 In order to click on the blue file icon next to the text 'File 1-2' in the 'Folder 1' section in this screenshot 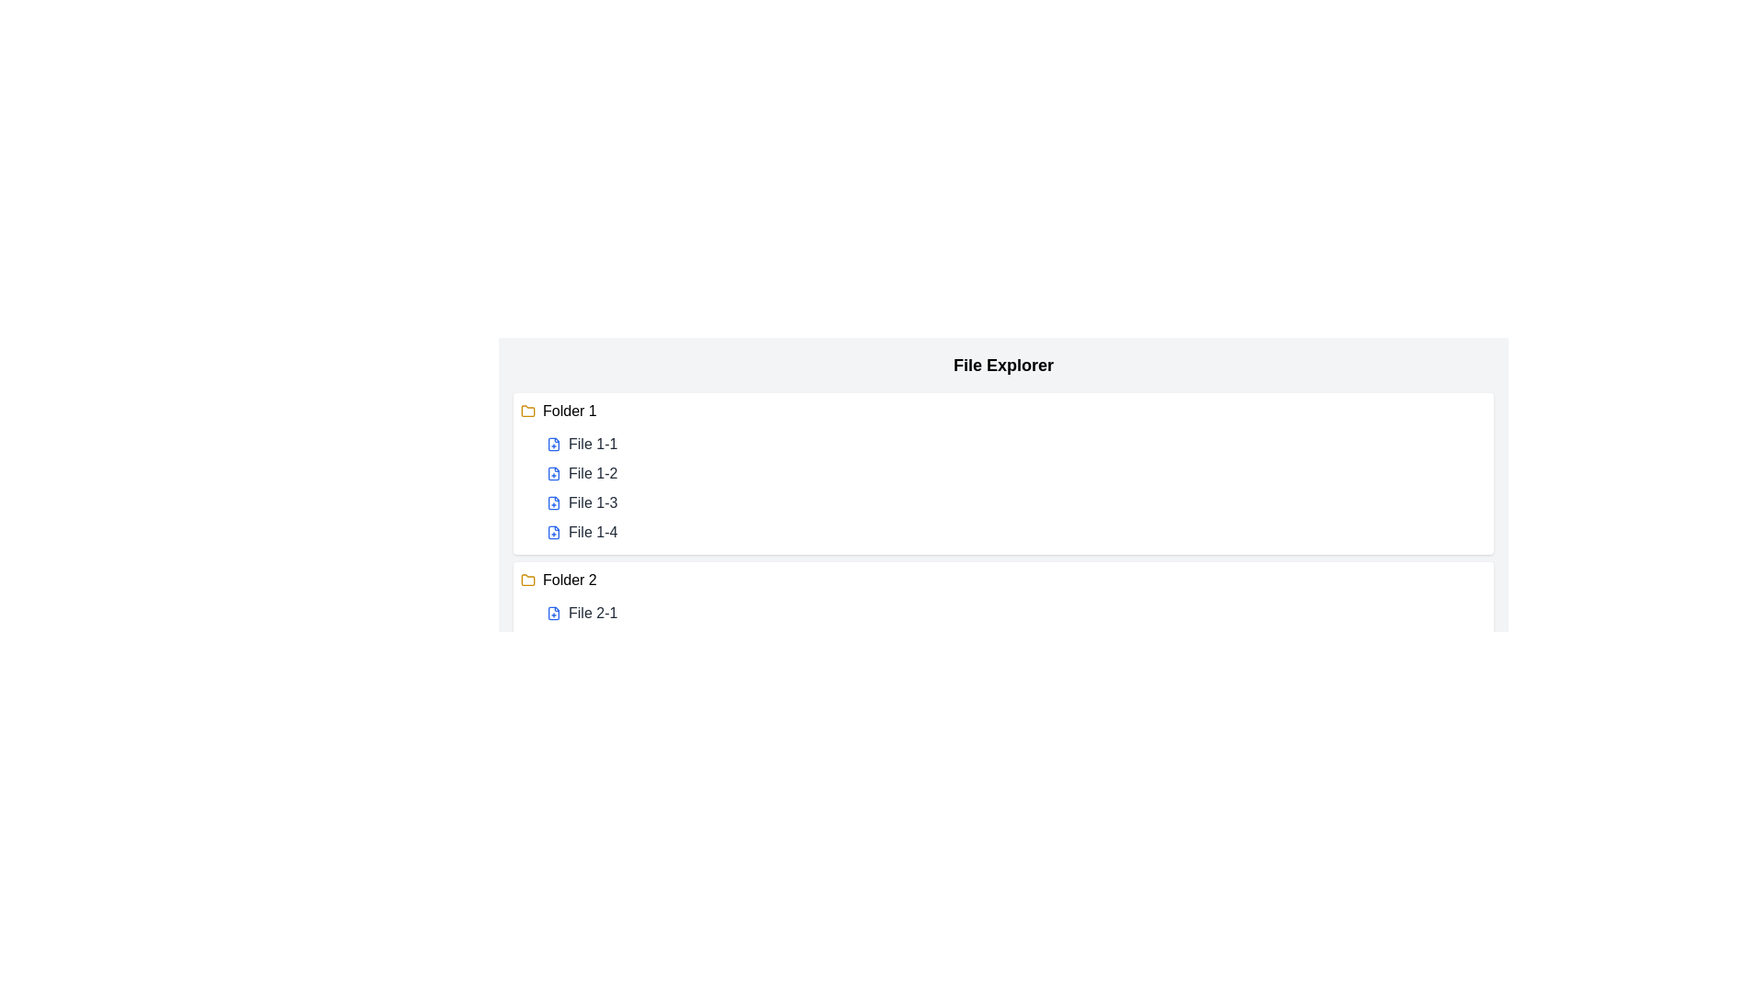, I will do `click(553, 473)`.